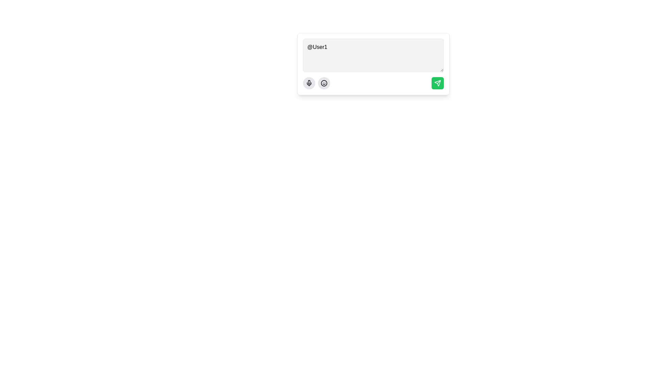  I want to click on the green and white paper plane icon located at the bottom-right corner of the interface, so click(437, 83).